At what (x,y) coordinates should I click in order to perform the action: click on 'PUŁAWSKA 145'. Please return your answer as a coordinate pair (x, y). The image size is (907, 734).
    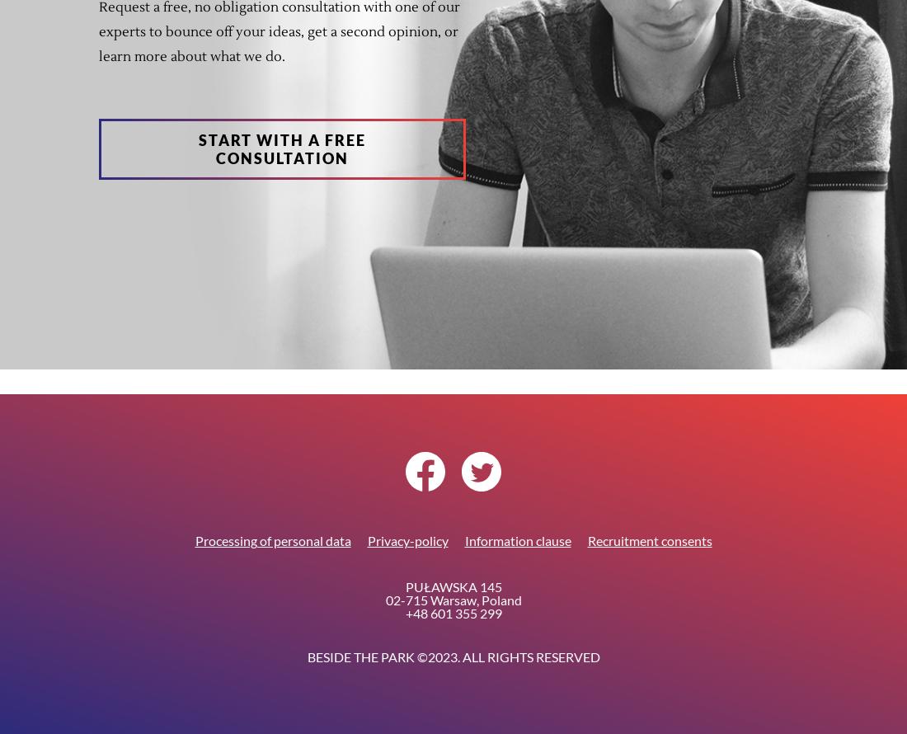
    Looking at the image, I should click on (453, 586).